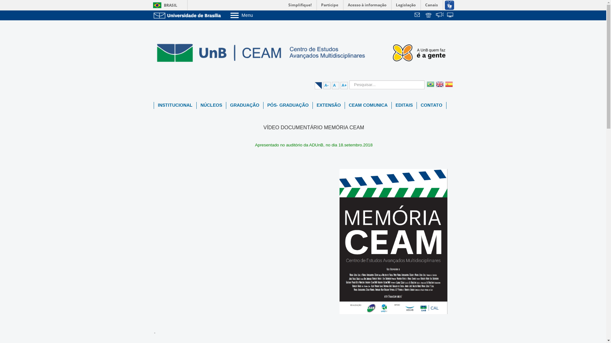 Image resolution: width=611 pixels, height=343 pixels. I want to click on 'CONTATO', so click(432, 105).